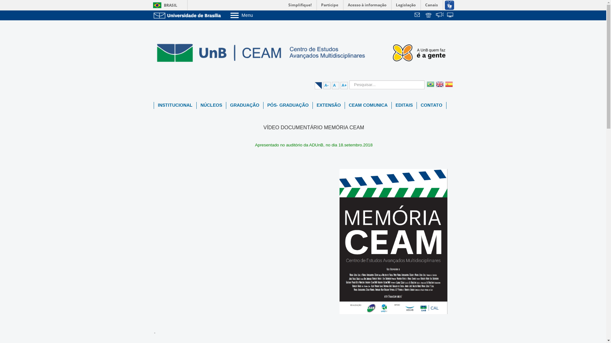 Image resolution: width=611 pixels, height=343 pixels. I want to click on 'CONTATO', so click(432, 105).